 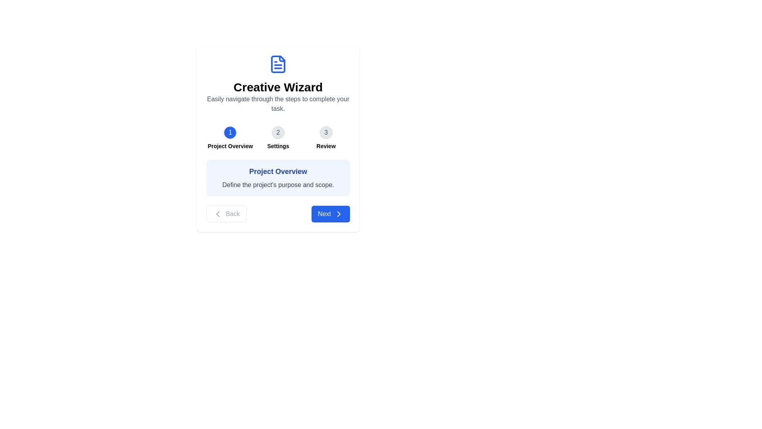 I want to click on the small rightward-pointing chevron arrow icon located on the right side of the 'Next' button, so click(x=339, y=214).